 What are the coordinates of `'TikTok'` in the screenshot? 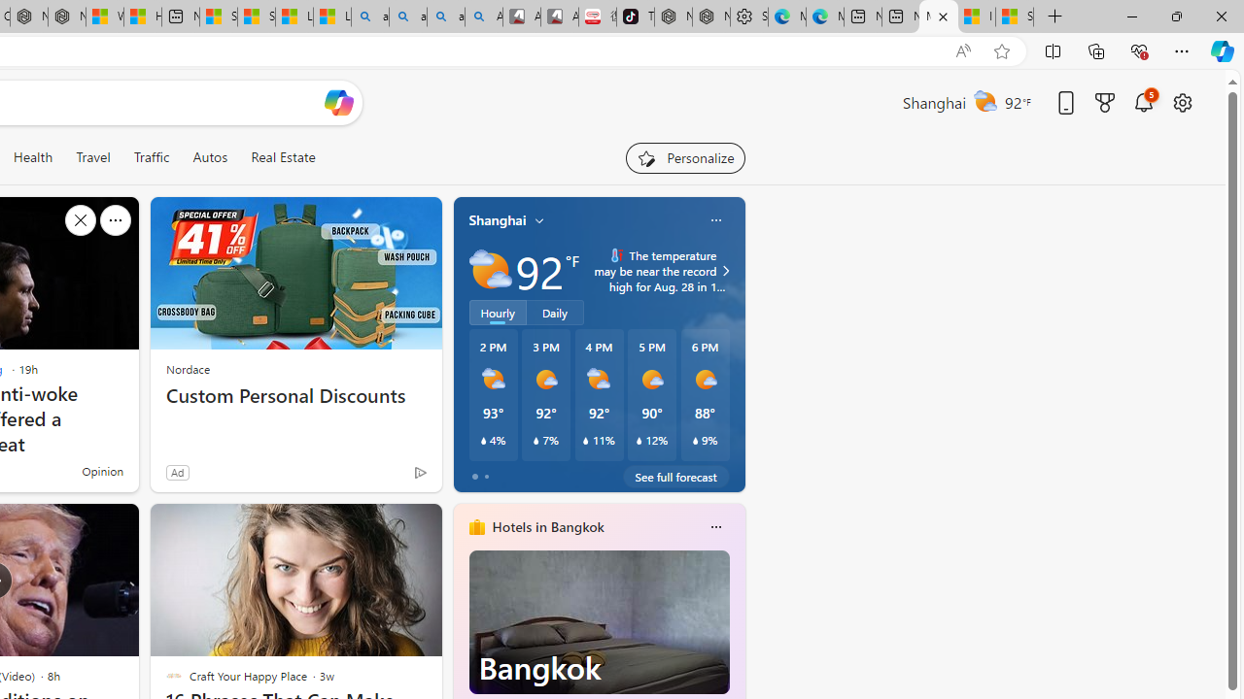 It's located at (636, 17).